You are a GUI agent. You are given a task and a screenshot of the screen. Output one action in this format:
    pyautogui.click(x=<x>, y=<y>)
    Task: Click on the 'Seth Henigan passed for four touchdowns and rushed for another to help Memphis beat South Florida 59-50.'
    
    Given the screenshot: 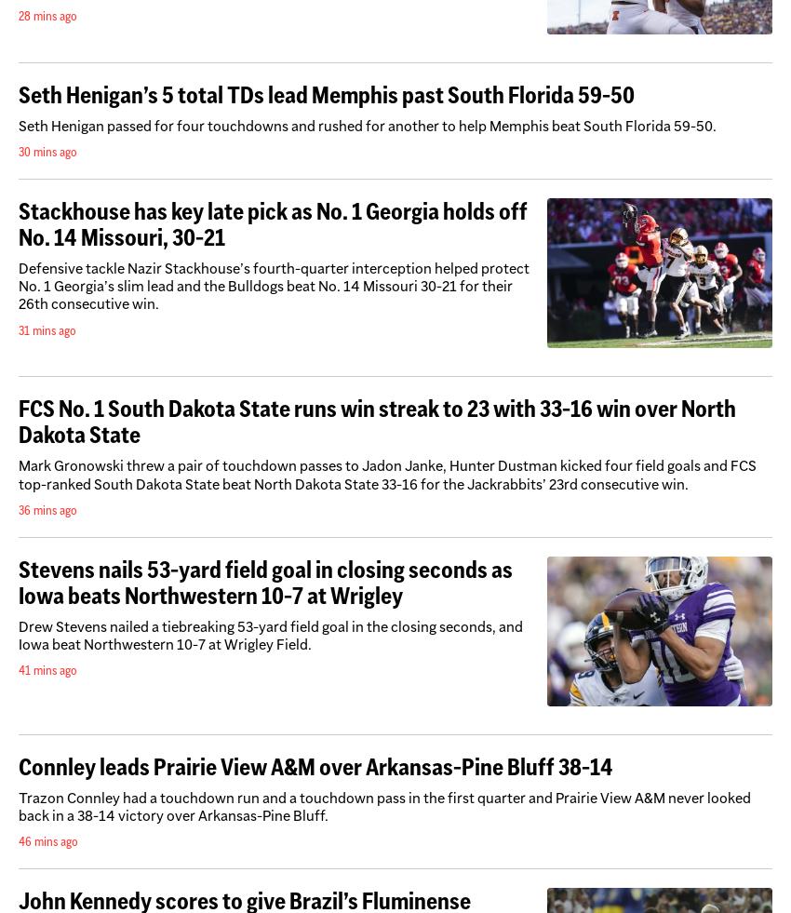 What is the action you would take?
    pyautogui.click(x=367, y=125)
    